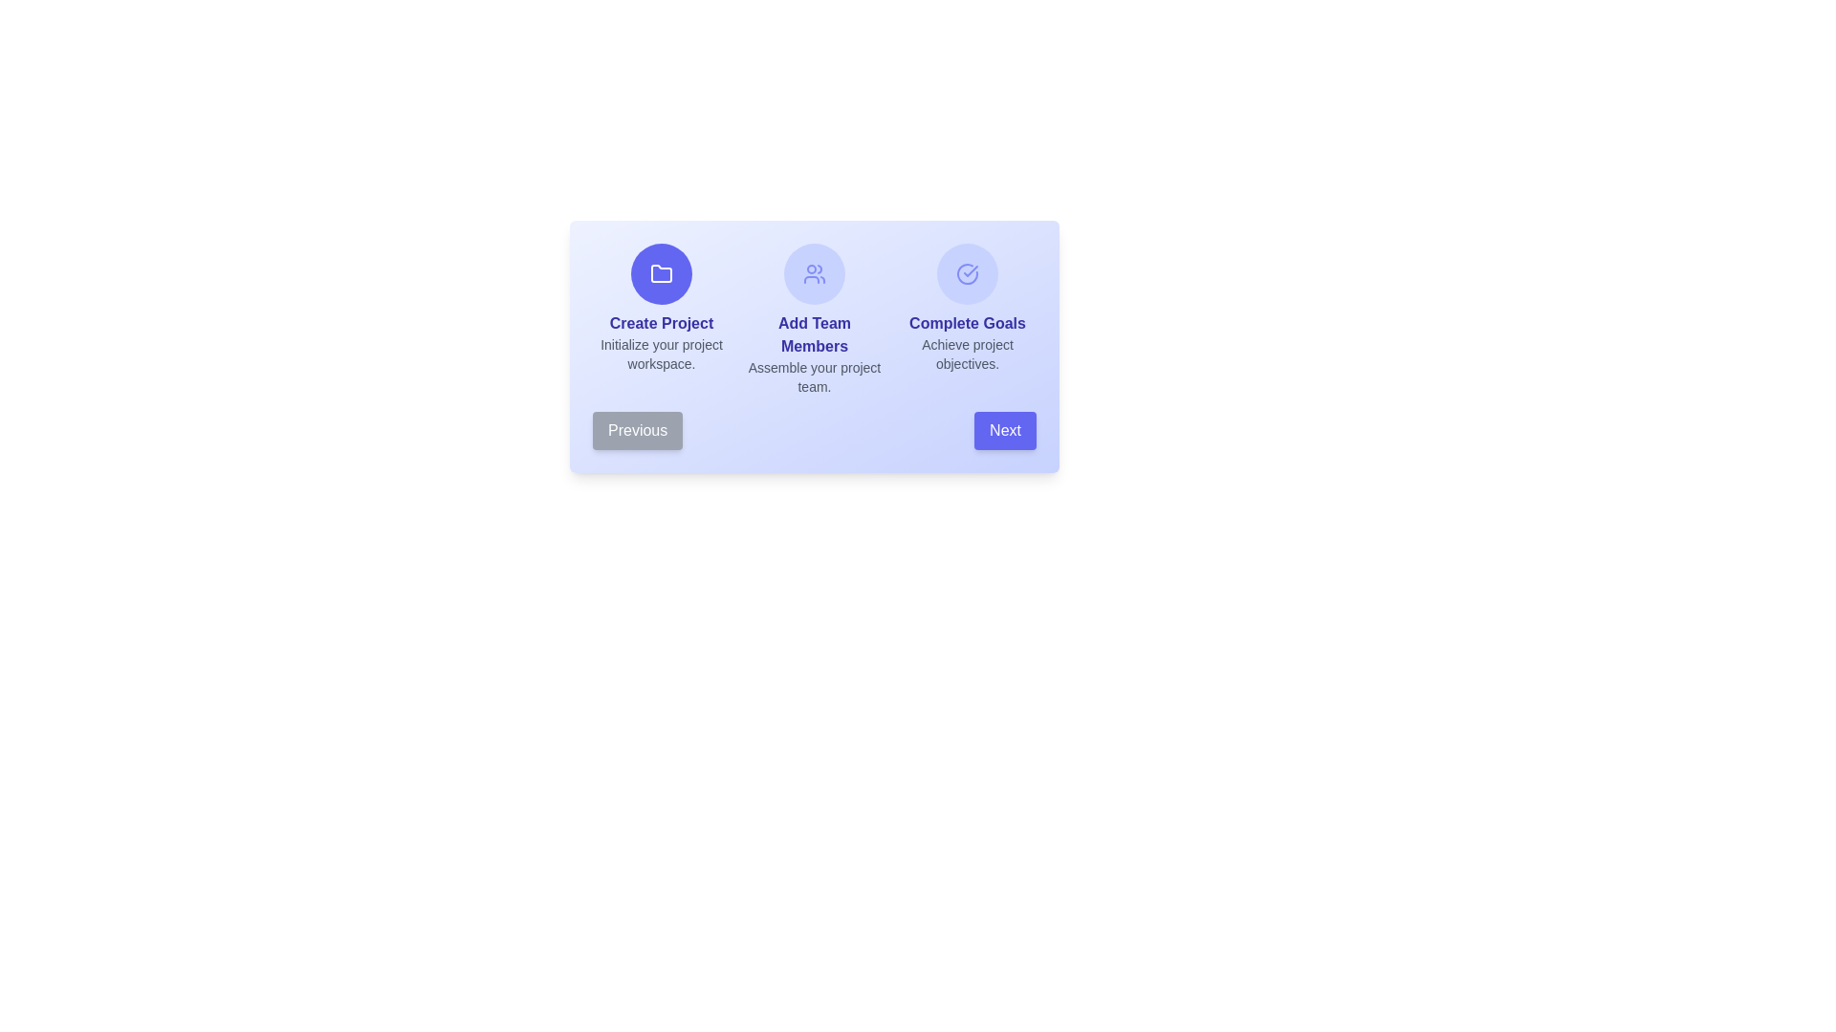 This screenshot has width=1836, height=1032. Describe the element at coordinates (1004, 431) in the screenshot. I see `the 'Next' button to navigate to the next workflow step` at that location.